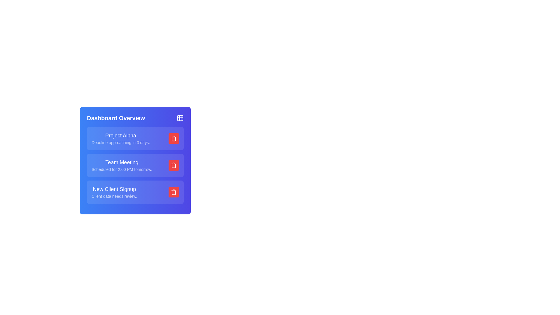 The width and height of the screenshot is (560, 315). I want to click on the delete button for the 'Project Alpha' task located below the 'Dashboard Overview' heading, so click(173, 138).